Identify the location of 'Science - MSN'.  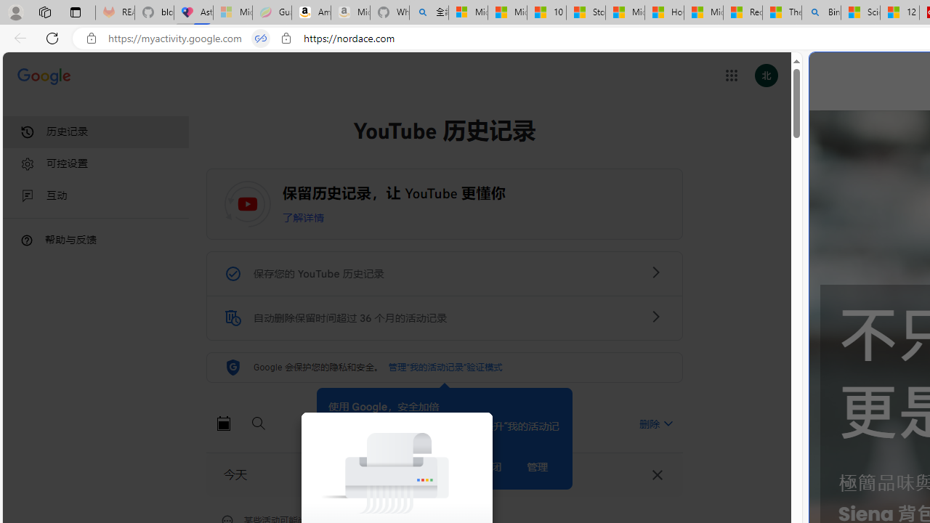
(860, 12).